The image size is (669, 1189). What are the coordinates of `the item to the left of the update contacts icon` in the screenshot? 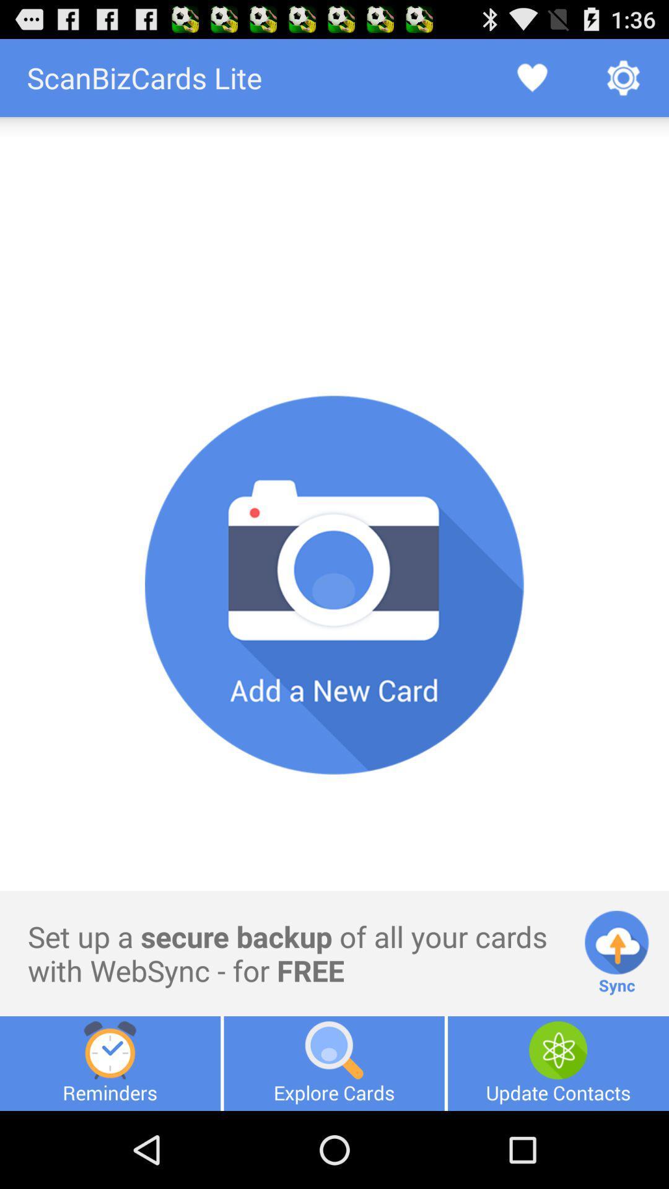 It's located at (333, 1063).